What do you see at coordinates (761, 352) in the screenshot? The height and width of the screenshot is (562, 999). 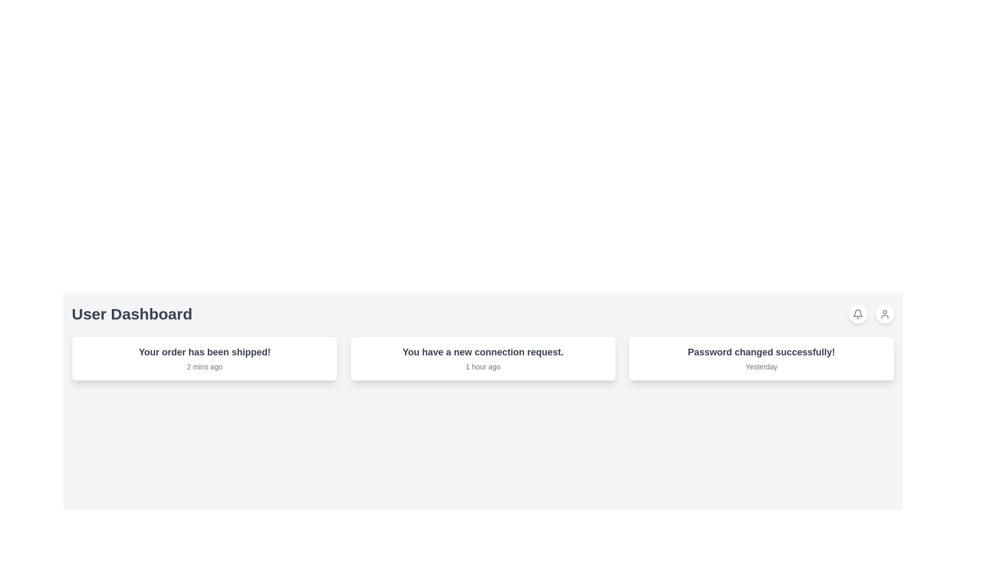 I see `the Text label indicating 'Password changed successfully! Yesterday' at the top of the card, which is the third card in a horizontal row on the dashboard` at bounding box center [761, 352].